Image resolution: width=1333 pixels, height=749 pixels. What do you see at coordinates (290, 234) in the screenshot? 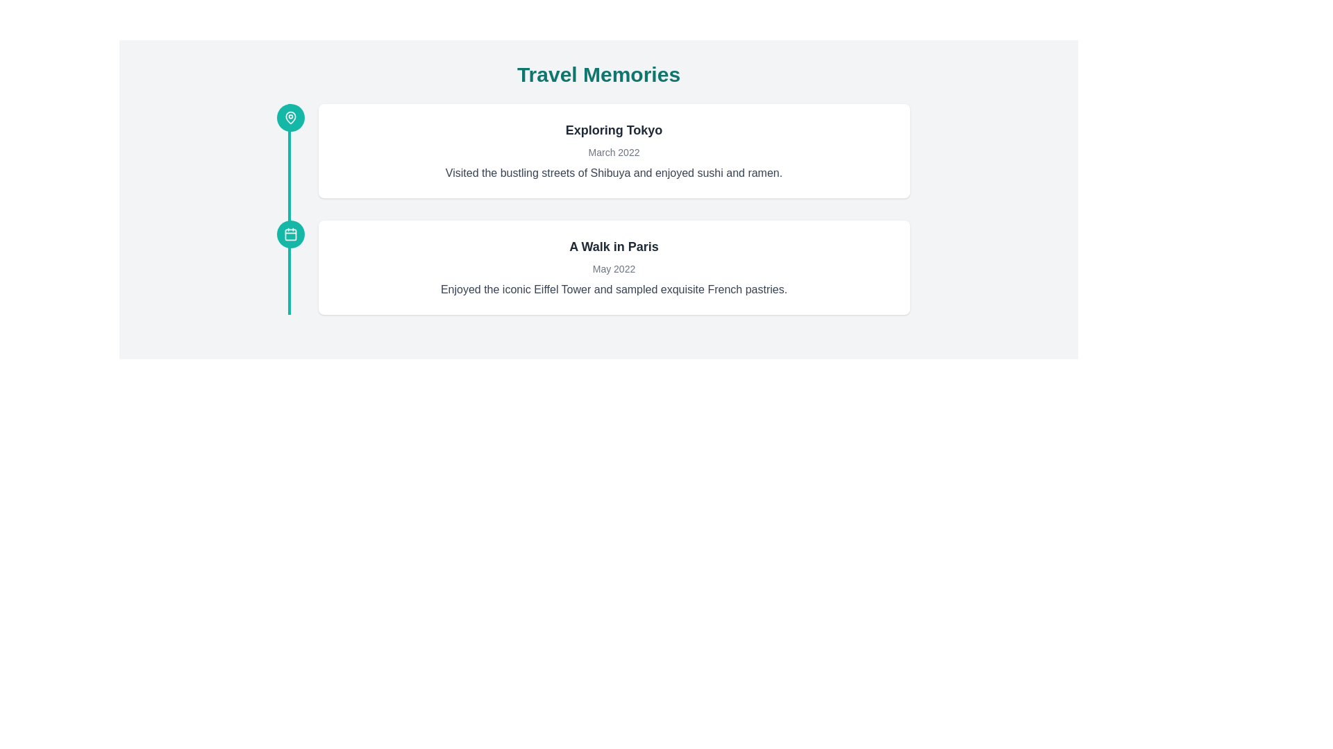
I see `the Calendar icon representing the date for the 'A Walk in Paris' section, located to the left of the timeline` at bounding box center [290, 234].